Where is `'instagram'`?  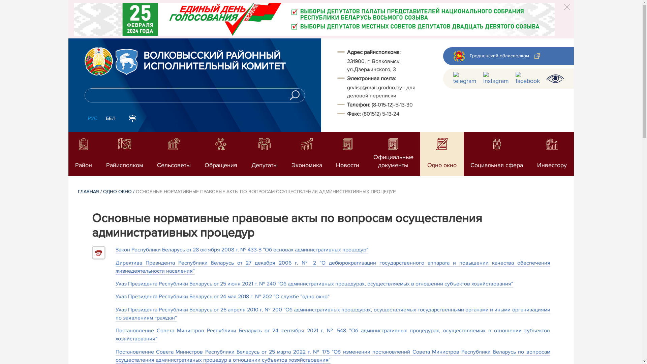 'instagram' is located at coordinates (496, 78).